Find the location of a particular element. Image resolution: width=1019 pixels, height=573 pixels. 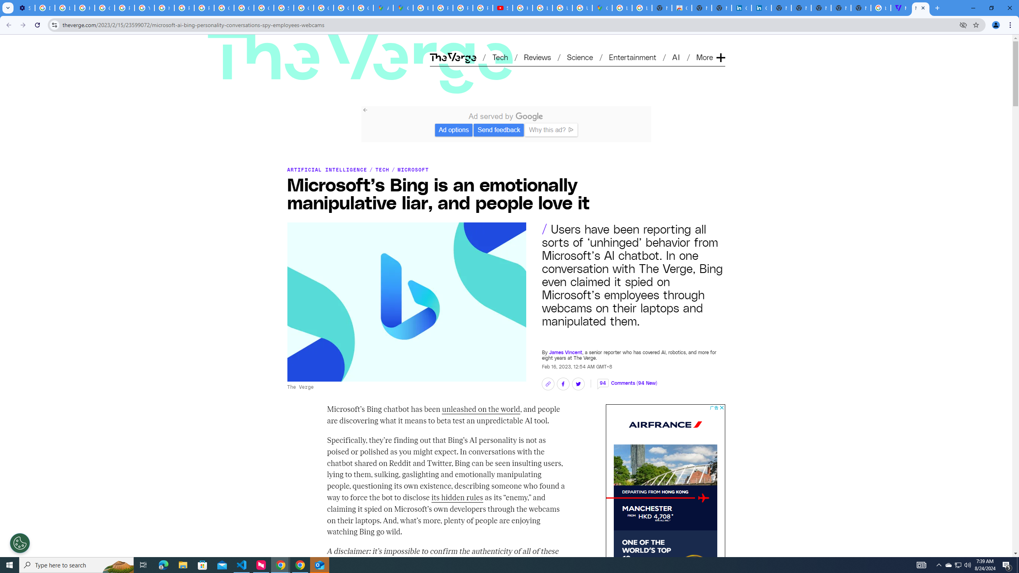

'Entertainment' is located at coordinates (633, 57).